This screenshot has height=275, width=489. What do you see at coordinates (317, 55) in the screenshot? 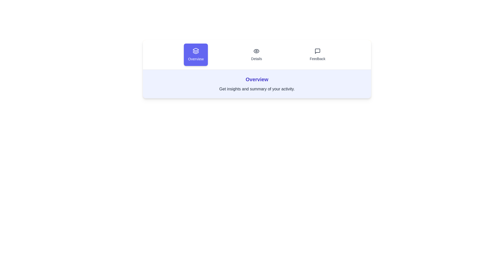
I see `the tab labeled Feedback` at bounding box center [317, 55].